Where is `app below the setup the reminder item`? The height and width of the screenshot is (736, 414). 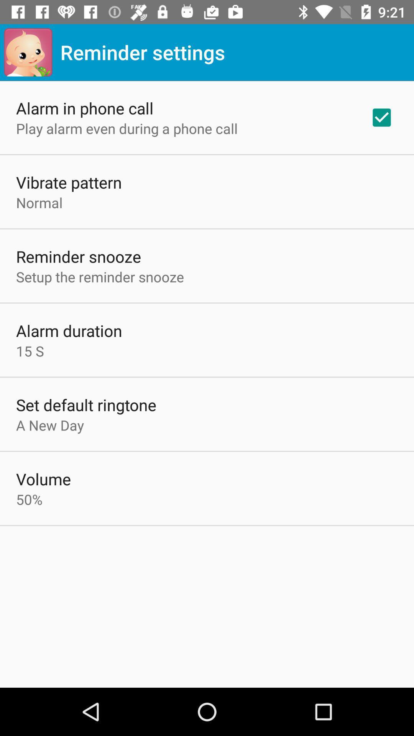
app below the setup the reminder item is located at coordinates (69, 330).